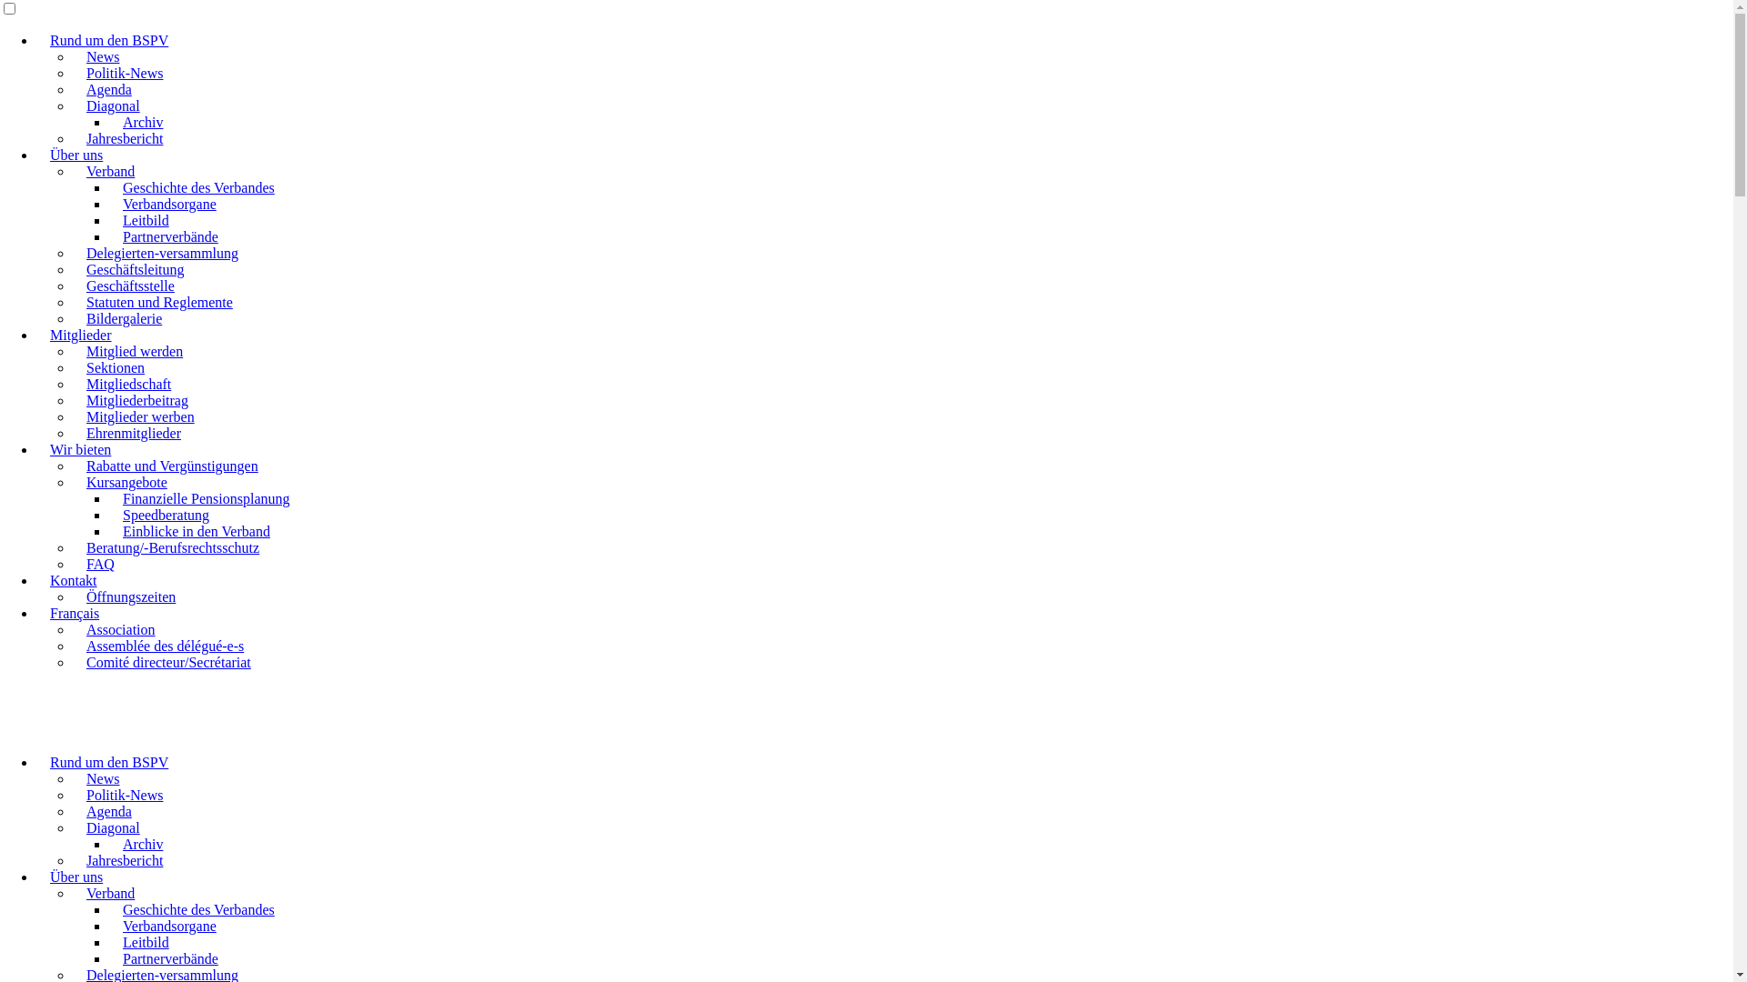 This screenshot has height=982, width=1747. I want to click on 'Jahresbericht', so click(73, 137).